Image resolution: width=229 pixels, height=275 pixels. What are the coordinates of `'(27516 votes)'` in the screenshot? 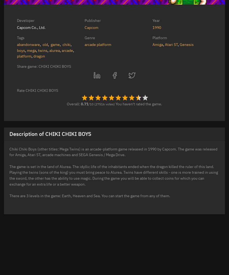 It's located at (105, 104).